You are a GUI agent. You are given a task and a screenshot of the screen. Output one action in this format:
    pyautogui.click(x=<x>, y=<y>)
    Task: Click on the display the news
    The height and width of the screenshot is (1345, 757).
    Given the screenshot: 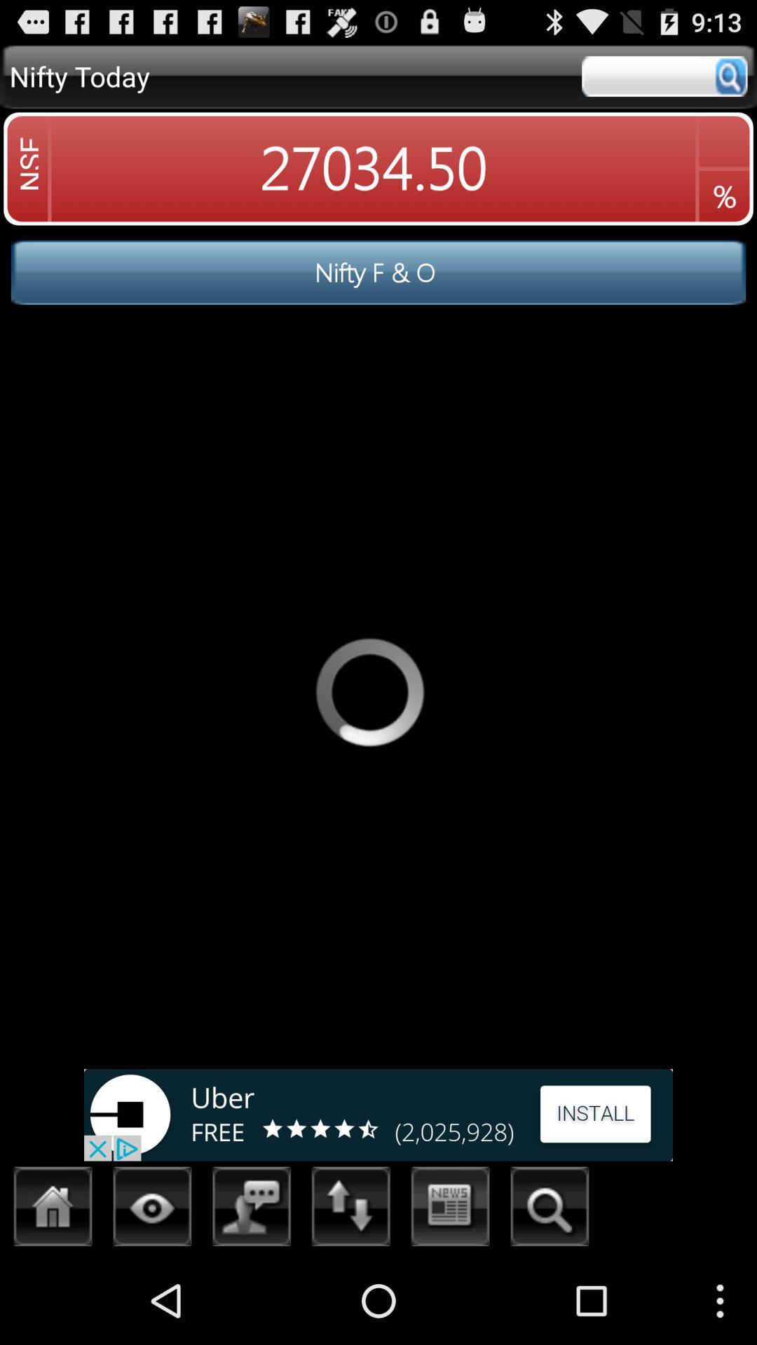 What is the action you would take?
    pyautogui.click(x=451, y=1210)
    